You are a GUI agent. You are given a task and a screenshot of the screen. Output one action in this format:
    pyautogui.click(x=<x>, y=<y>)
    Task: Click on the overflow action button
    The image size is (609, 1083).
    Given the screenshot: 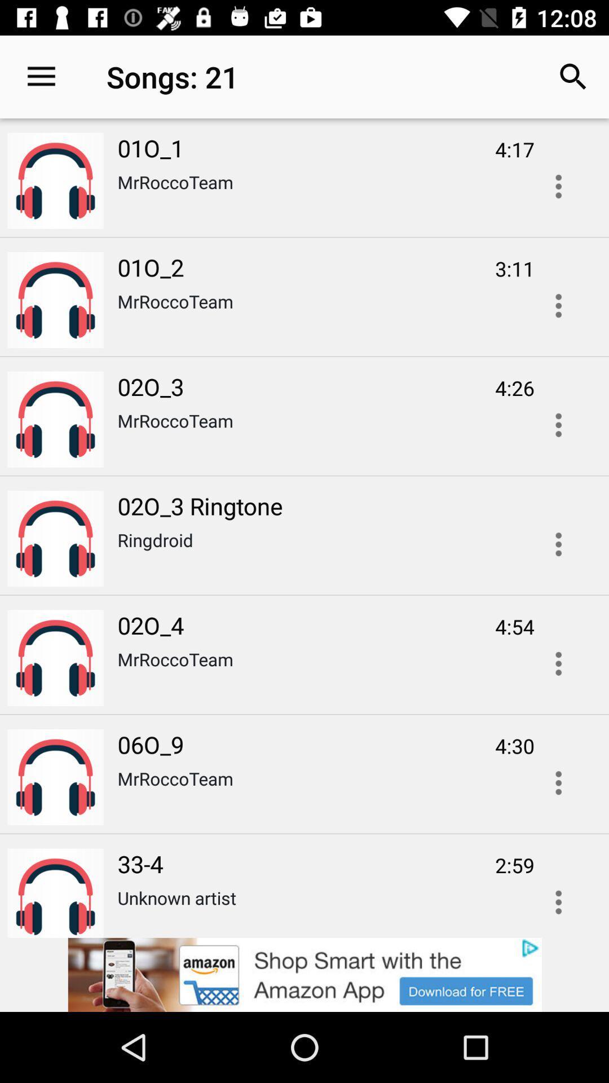 What is the action you would take?
    pyautogui.click(x=558, y=424)
    